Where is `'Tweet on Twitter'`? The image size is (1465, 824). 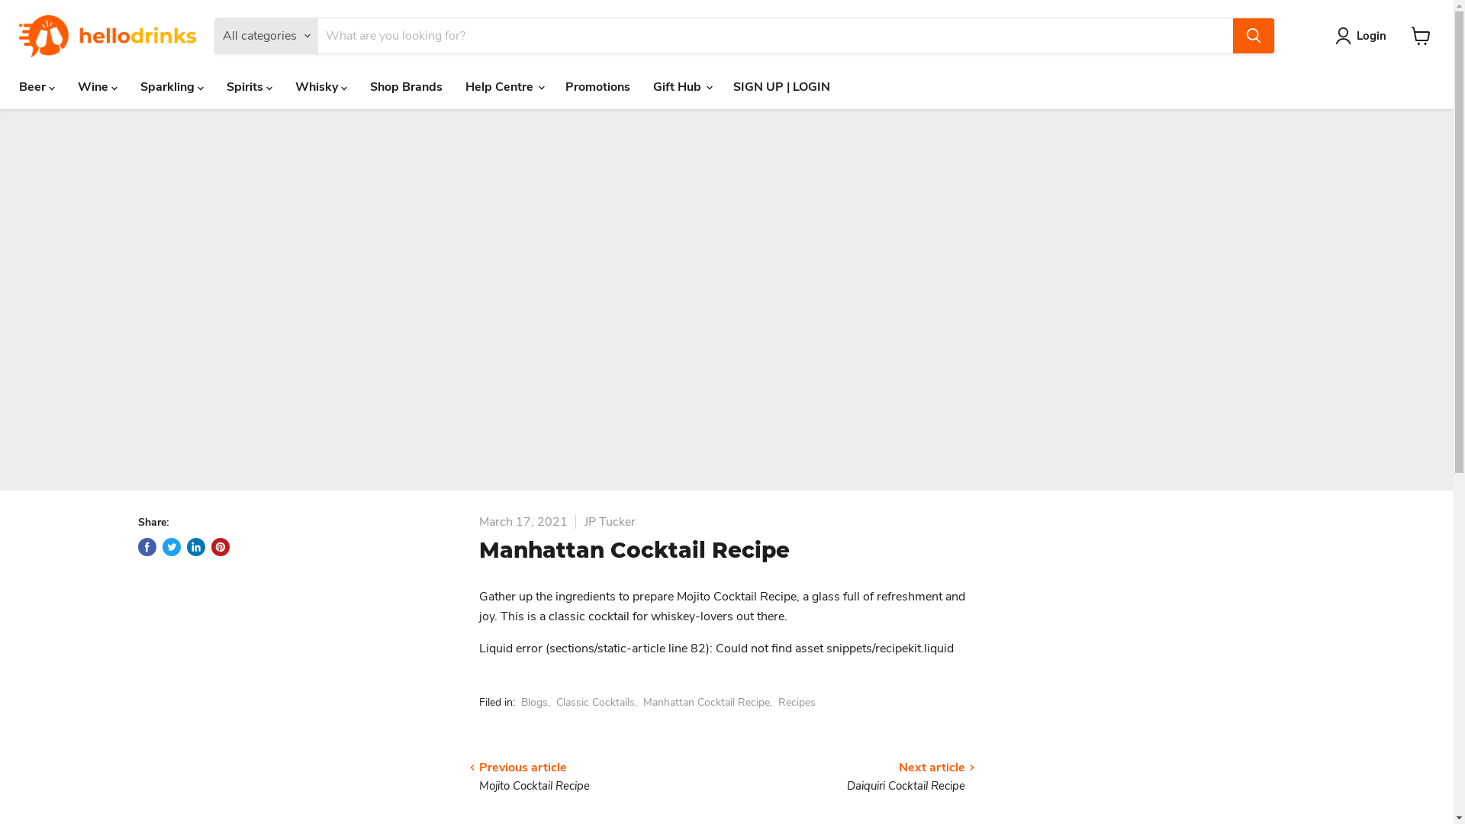
'Tweet on Twitter' is located at coordinates (171, 546).